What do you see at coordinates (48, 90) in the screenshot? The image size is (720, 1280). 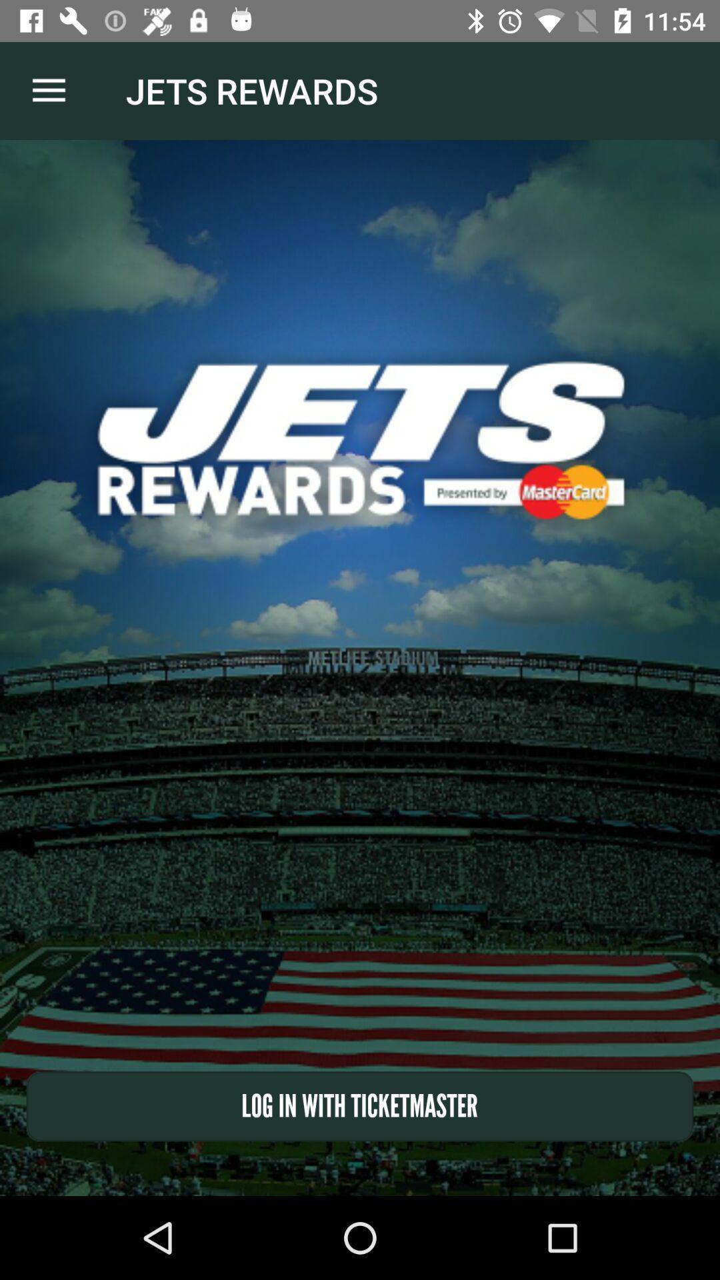 I see `item next to jets rewards item` at bounding box center [48, 90].